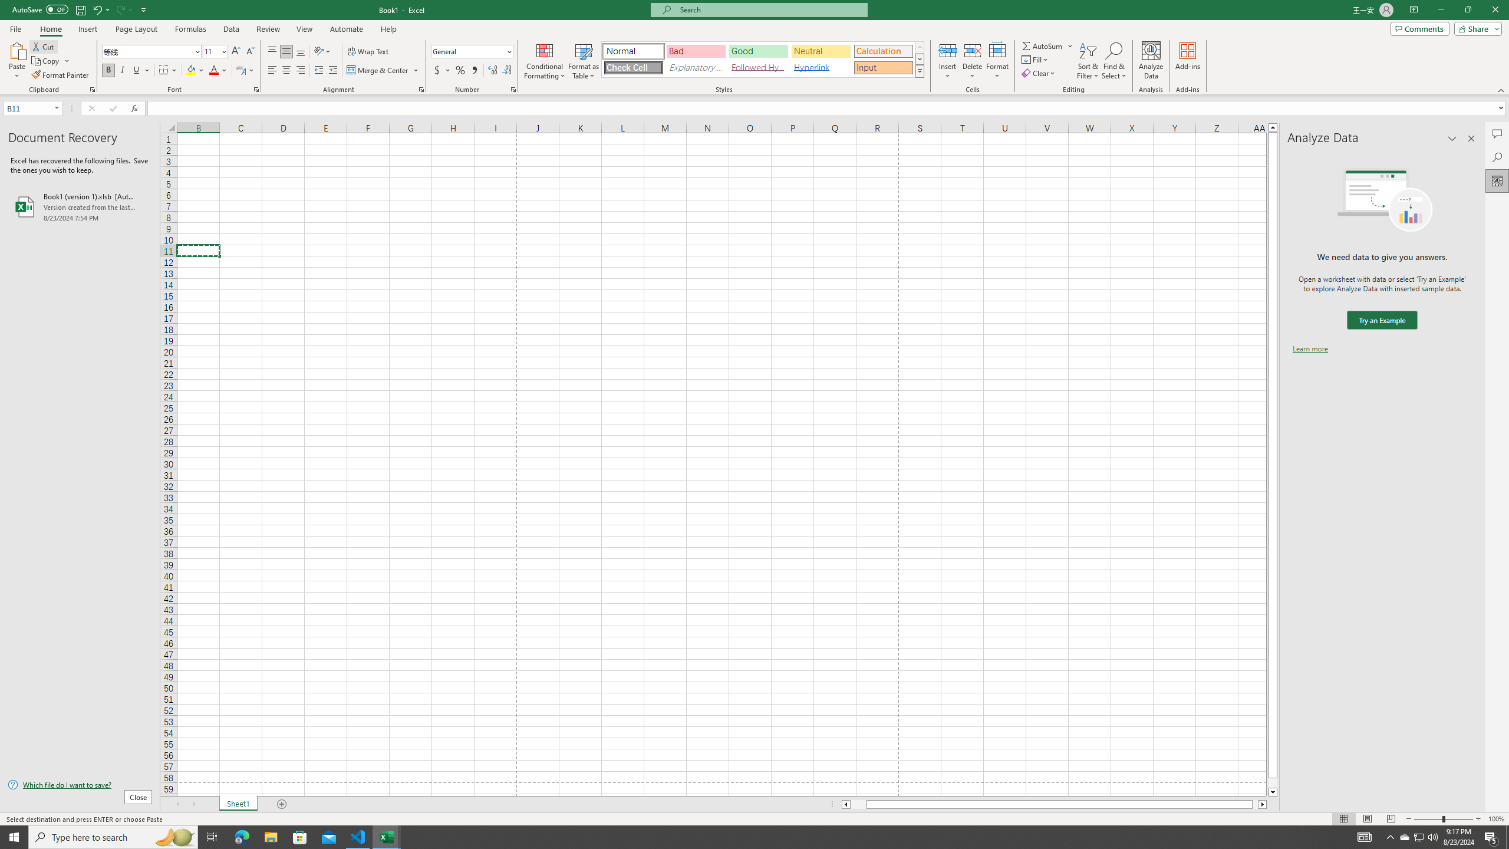 This screenshot has height=849, width=1509. I want to click on 'Office Clipboard...', so click(91, 88).